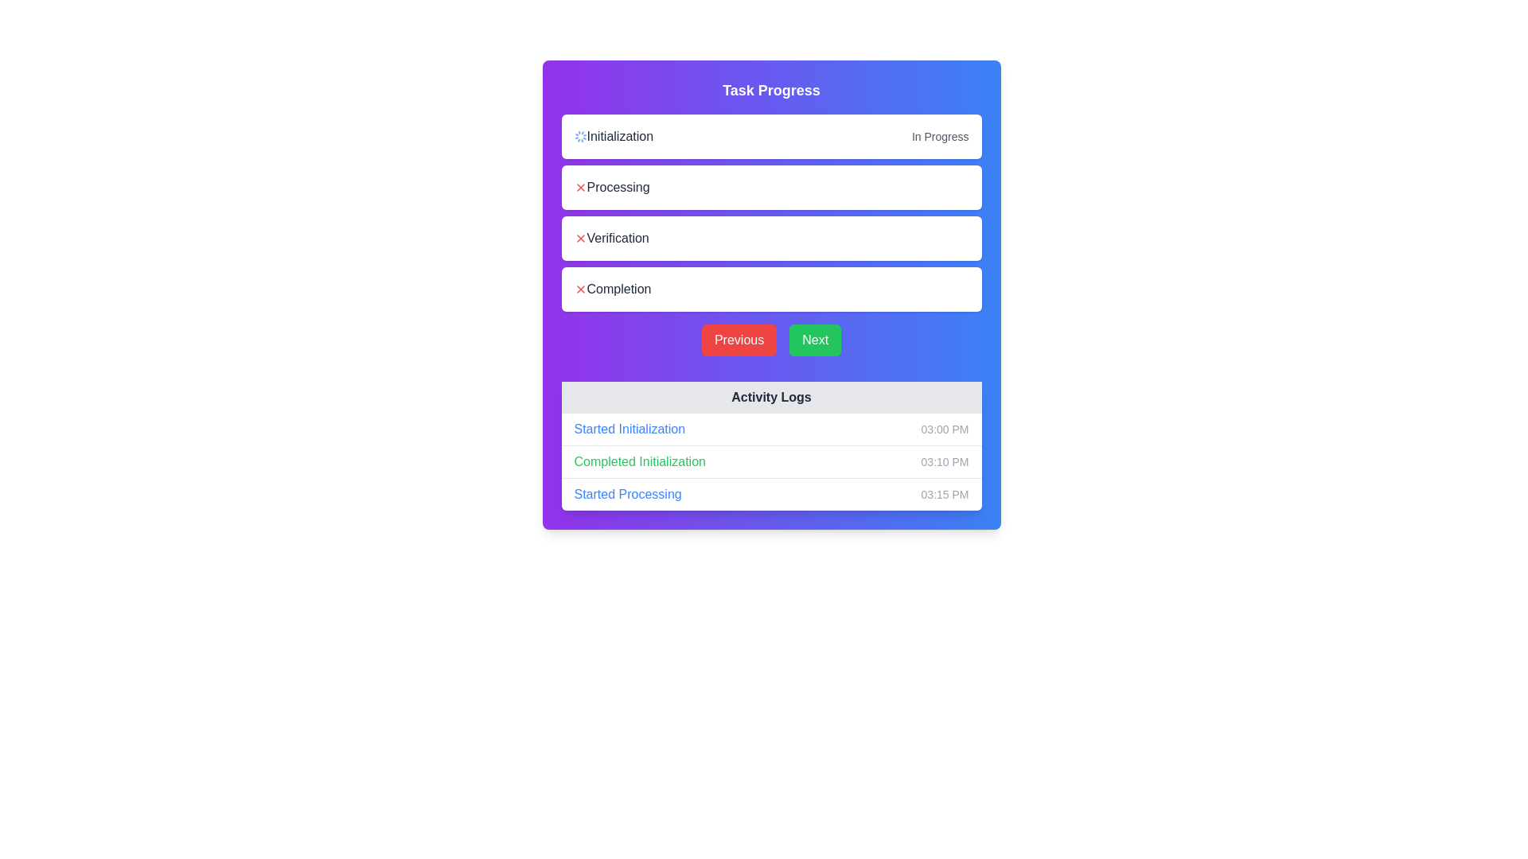  Describe the element at coordinates (771, 212) in the screenshot. I see `the second step indicator of the multi-step process in the 'Task Progress' section` at that location.